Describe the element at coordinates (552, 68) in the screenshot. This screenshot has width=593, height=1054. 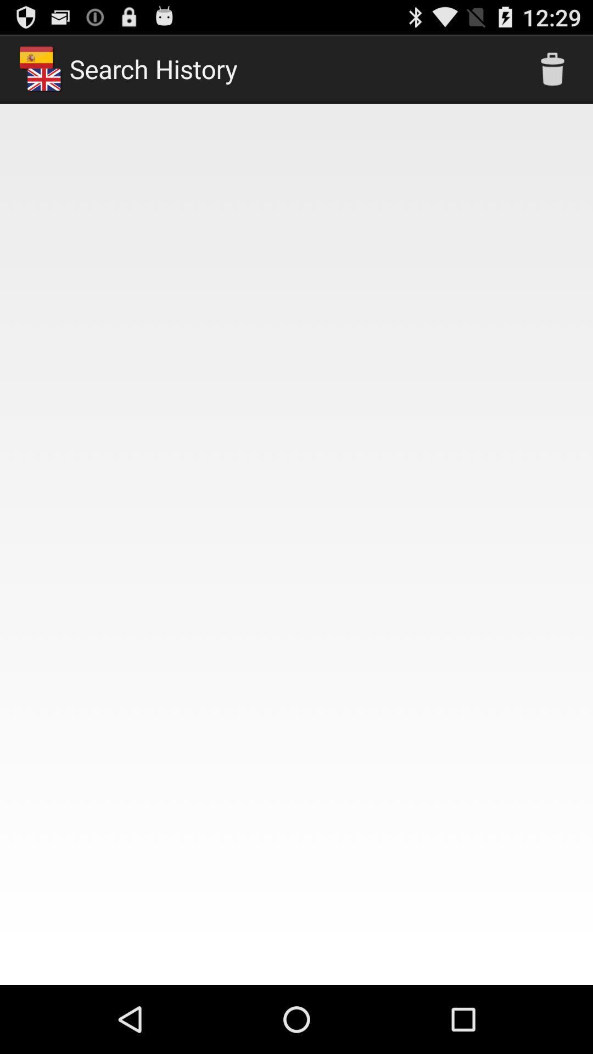
I see `the icon at the top right corner` at that location.